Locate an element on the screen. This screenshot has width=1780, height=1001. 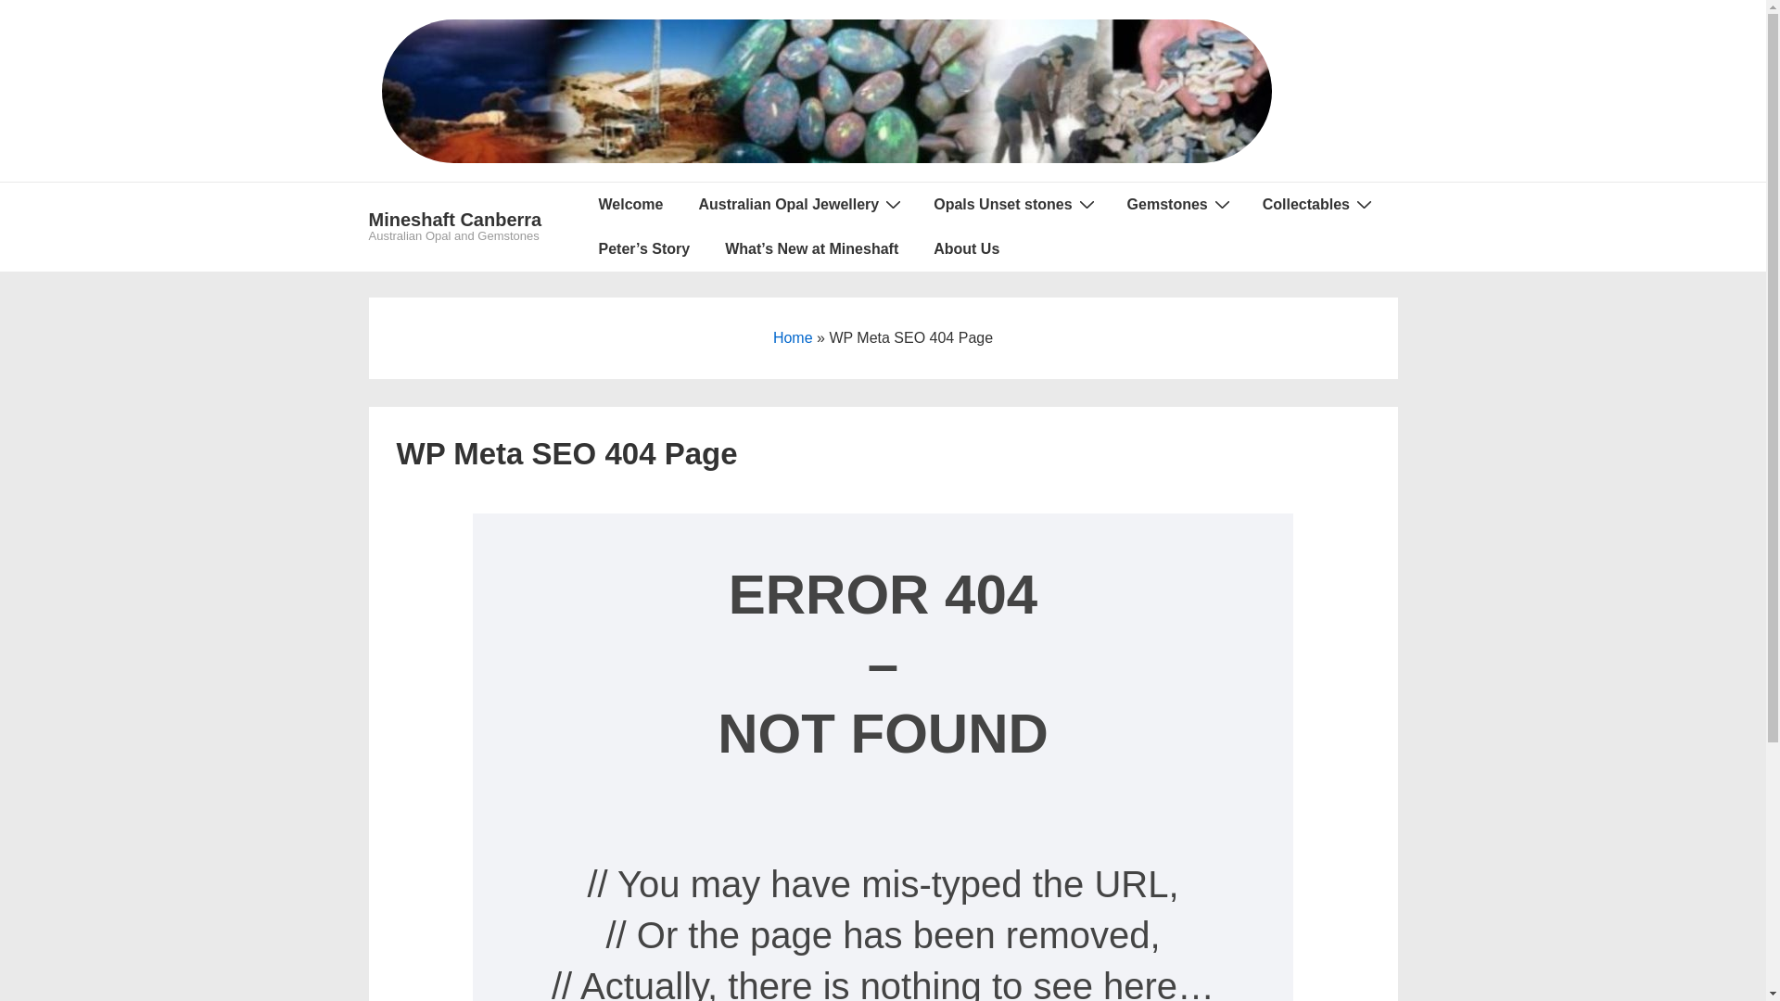
'Home' is located at coordinates (793, 337).